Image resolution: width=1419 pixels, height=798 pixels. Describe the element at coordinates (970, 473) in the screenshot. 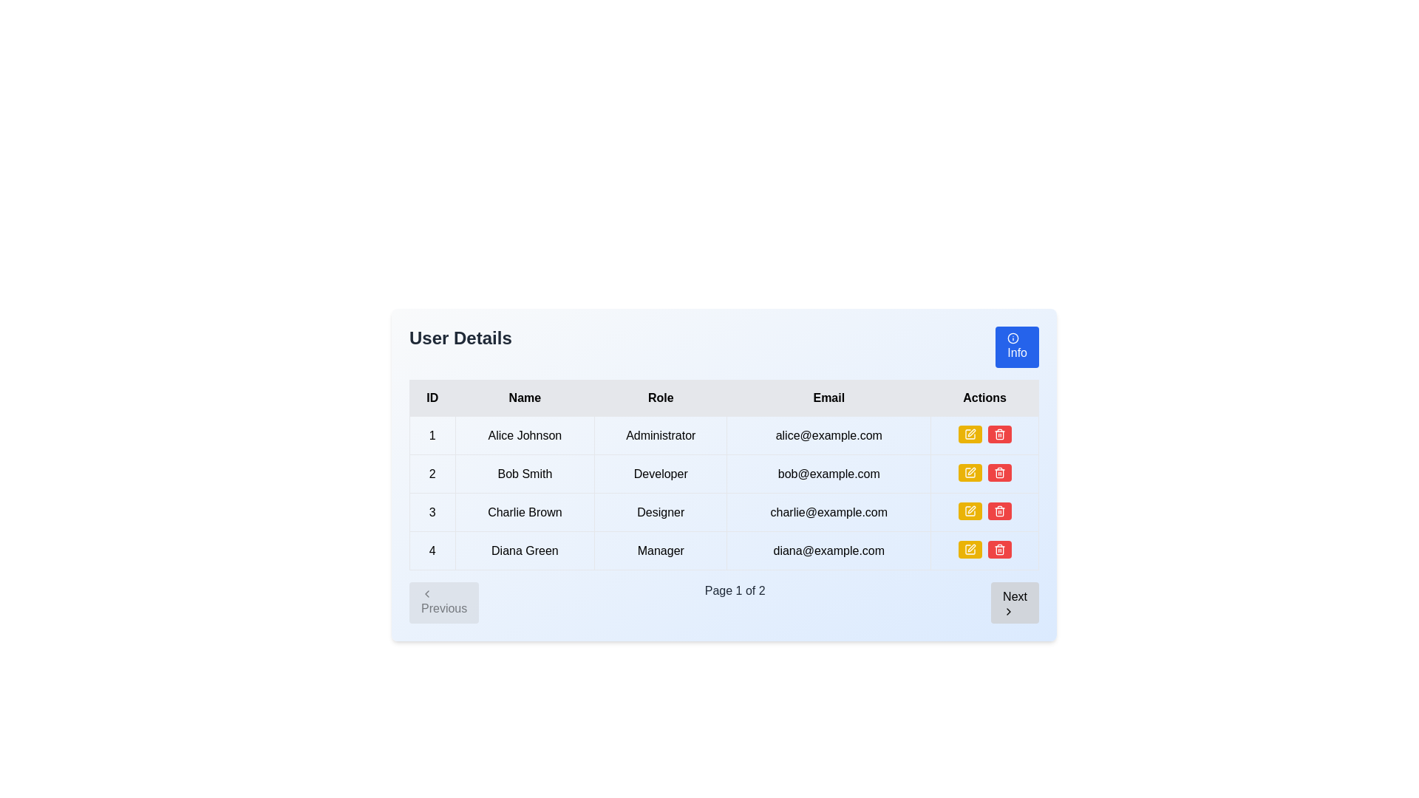

I see `the square-shaped edit icon with a pen inside it, located in the fourth row of the Actions column, to initiate editing` at that location.